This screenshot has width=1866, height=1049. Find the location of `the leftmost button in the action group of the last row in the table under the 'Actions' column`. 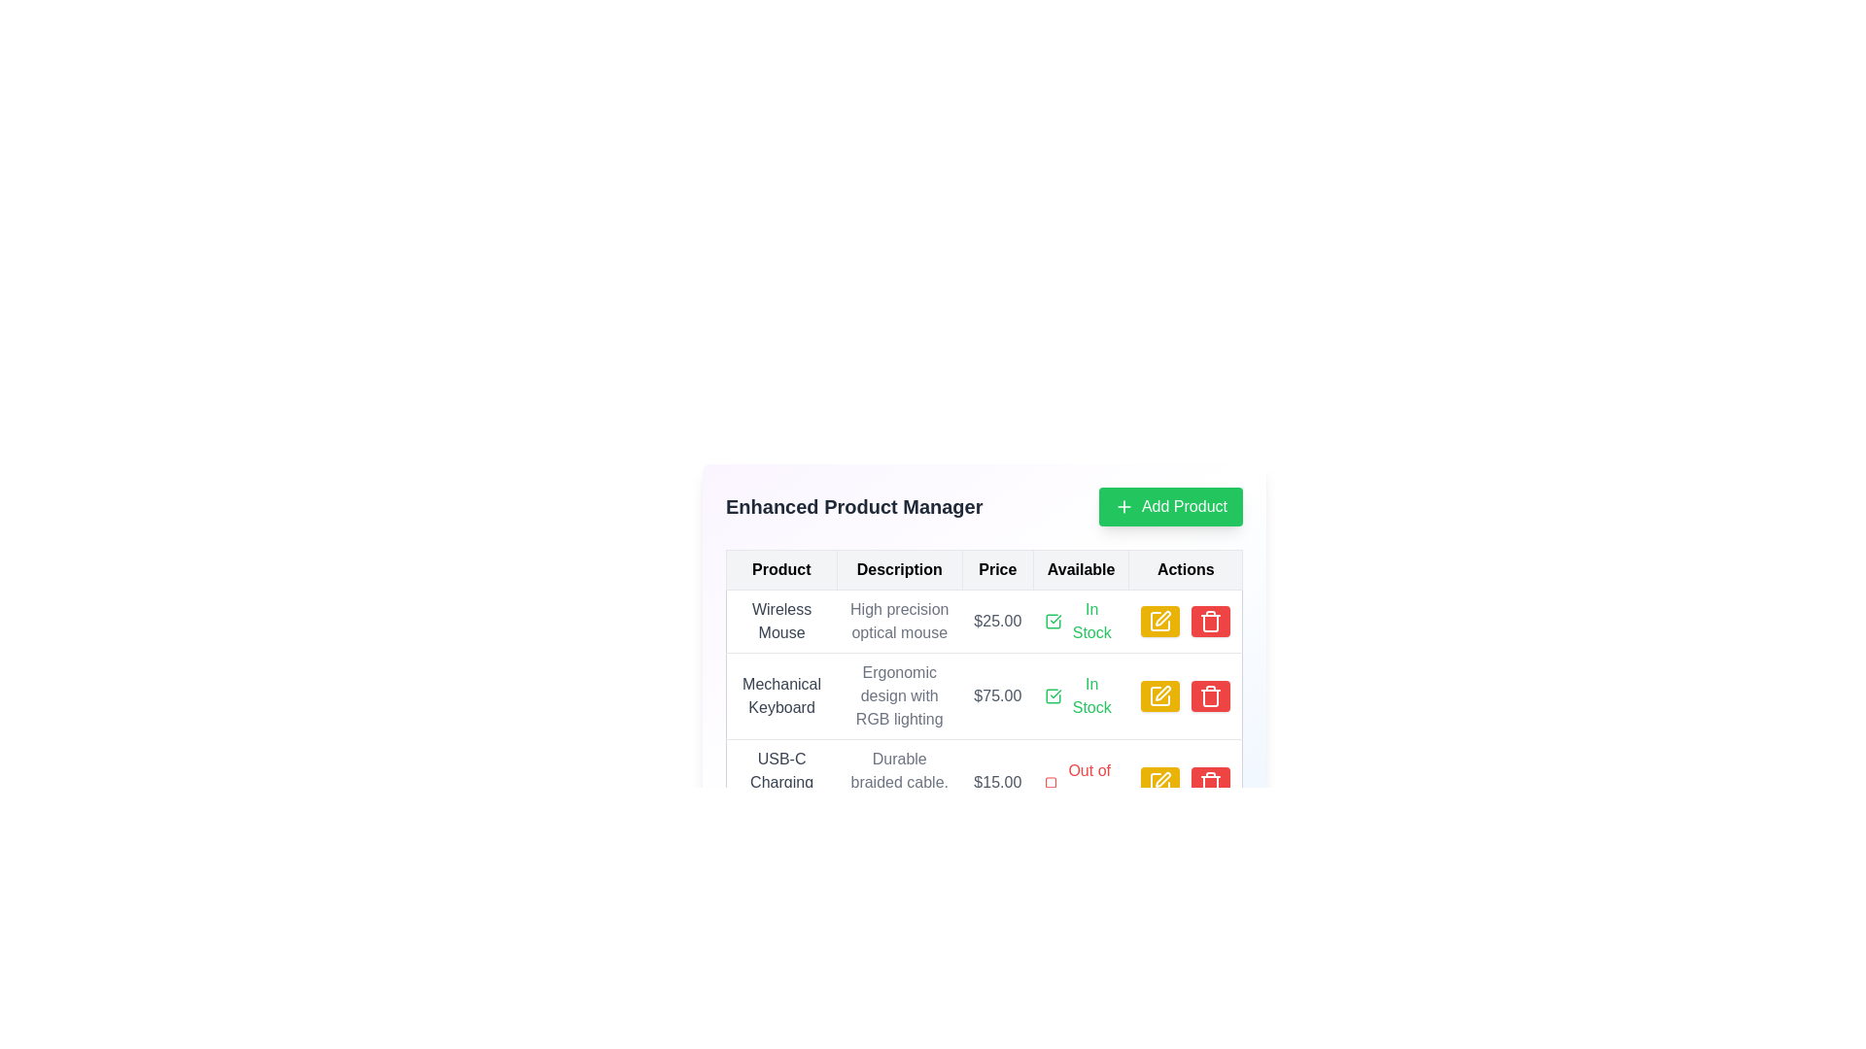

the leftmost button in the action group of the last row in the table under the 'Actions' column is located at coordinates (1160, 782).